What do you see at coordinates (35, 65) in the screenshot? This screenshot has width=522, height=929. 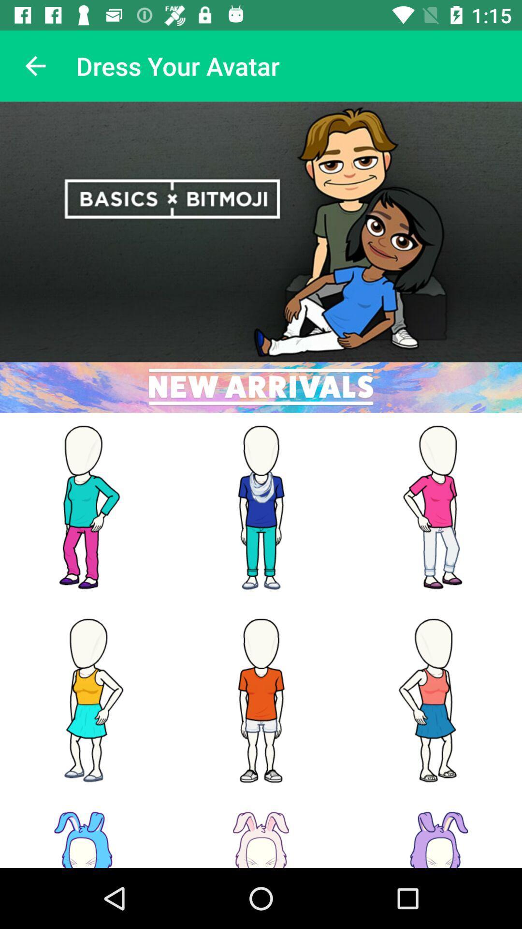 I see `the app next to dress your avatar app` at bounding box center [35, 65].